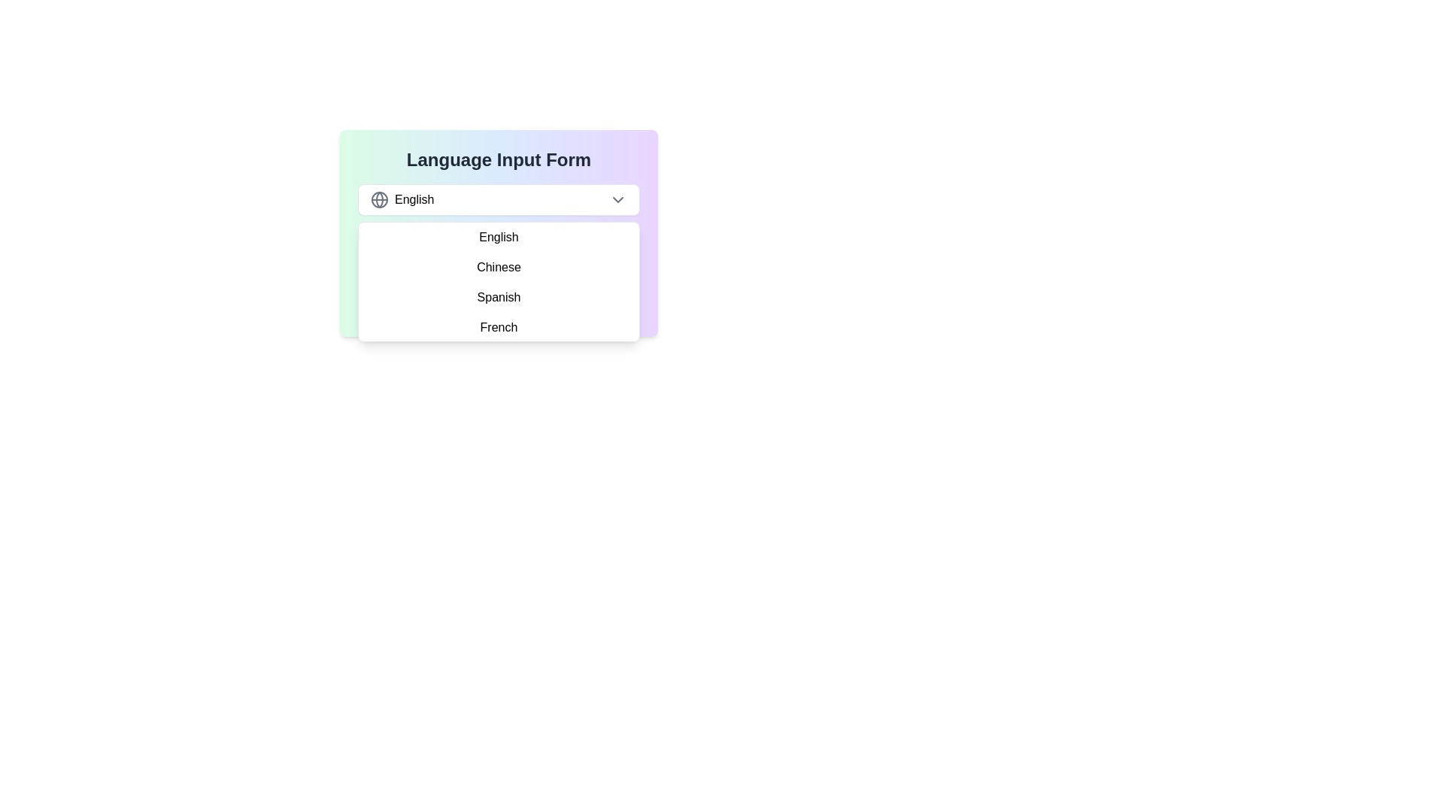  I want to click on the dropdown menu, so click(499, 250).